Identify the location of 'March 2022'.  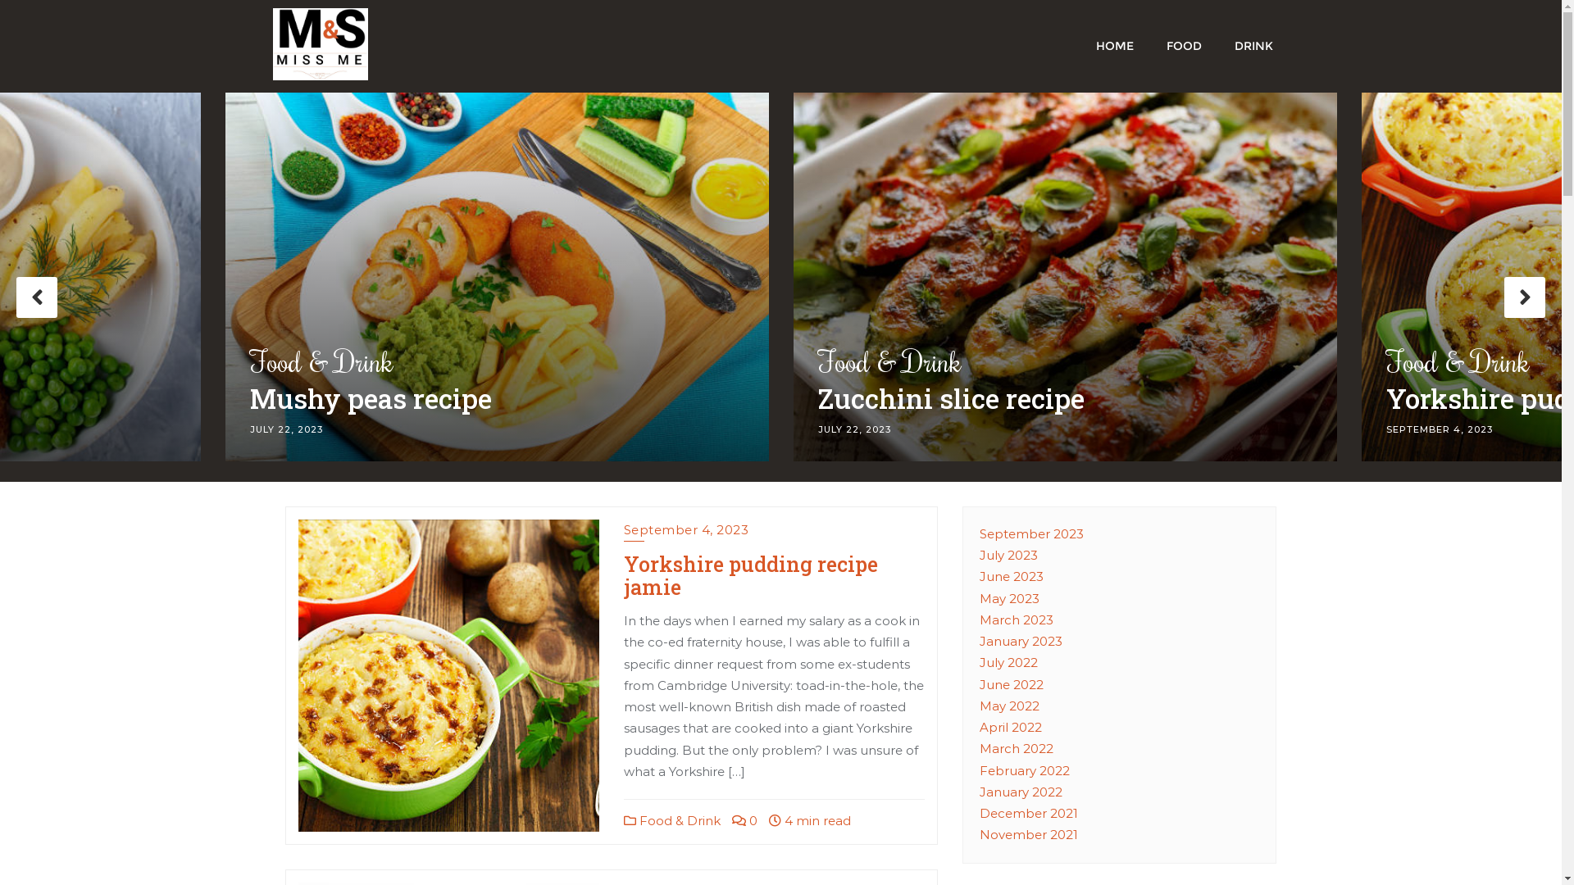
(980, 748).